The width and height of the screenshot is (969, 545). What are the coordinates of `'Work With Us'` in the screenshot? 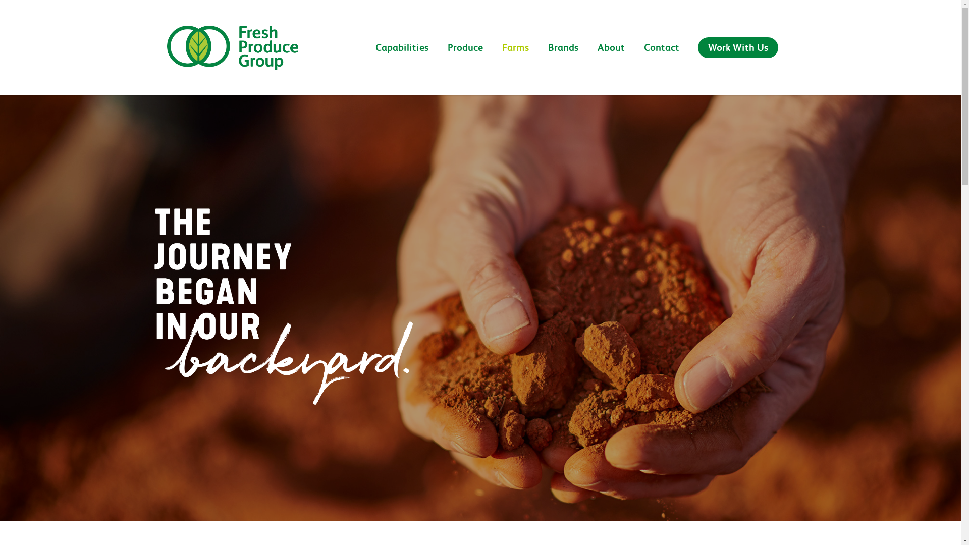 It's located at (738, 60).